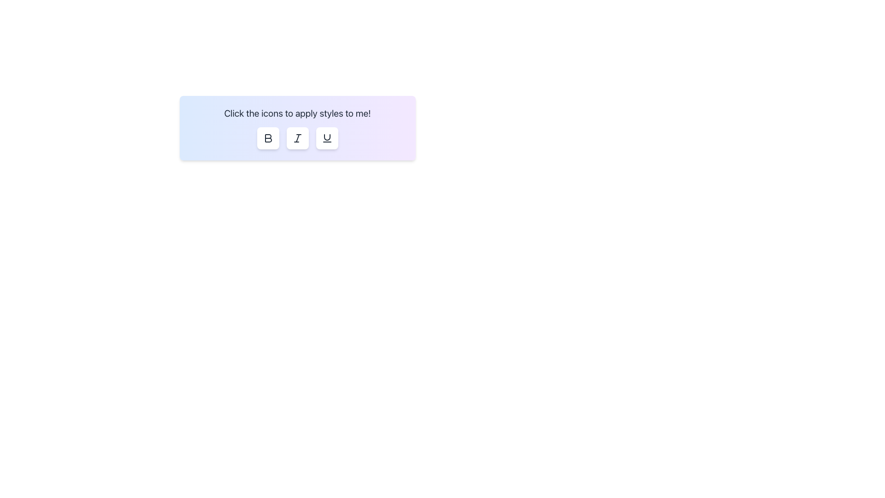 The width and height of the screenshot is (885, 498). Describe the element at coordinates (327, 138) in the screenshot. I see `the icon button resembling a letter 'U' with an underline, which is the third icon in a row of three buttons on the rightmost end of the row` at that location.